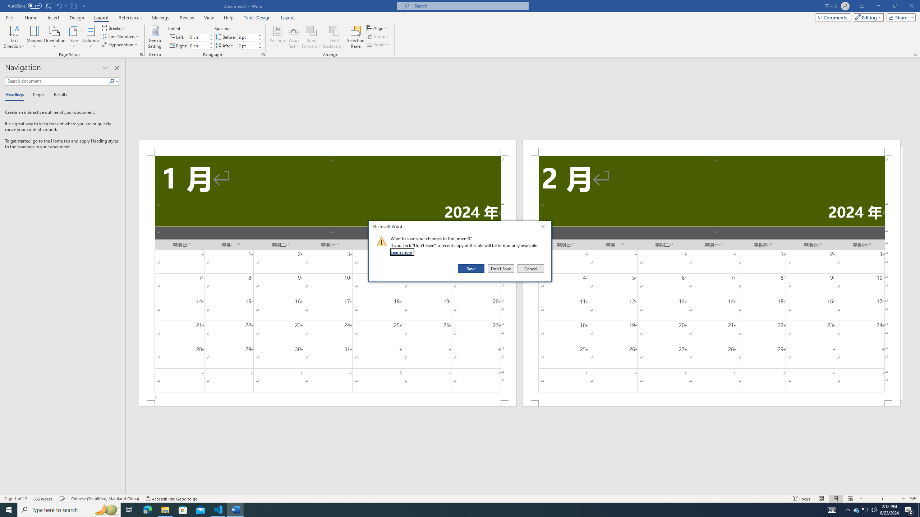  What do you see at coordinates (311, 37) in the screenshot?
I see `'Bring Forward'` at bounding box center [311, 37].